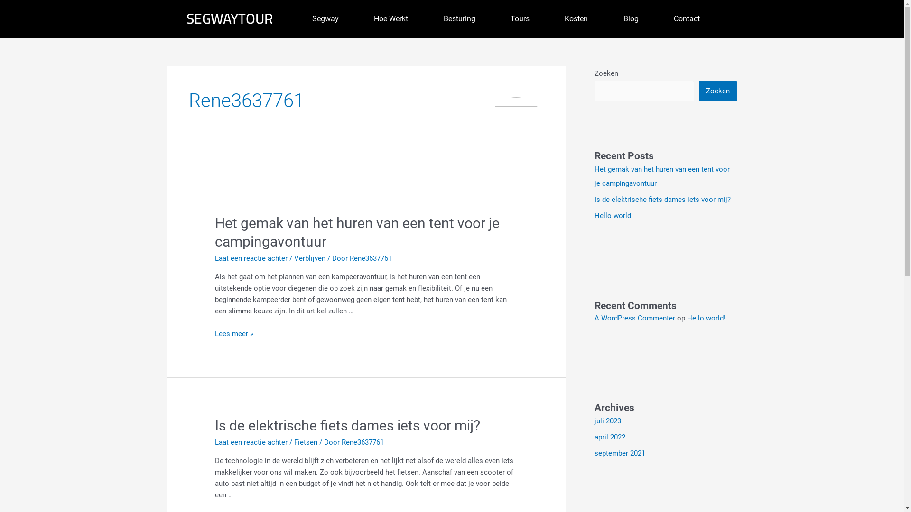 The width and height of the screenshot is (911, 512). What do you see at coordinates (631, 18) in the screenshot?
I see `'Blog'` at bounding box center [631, 18].